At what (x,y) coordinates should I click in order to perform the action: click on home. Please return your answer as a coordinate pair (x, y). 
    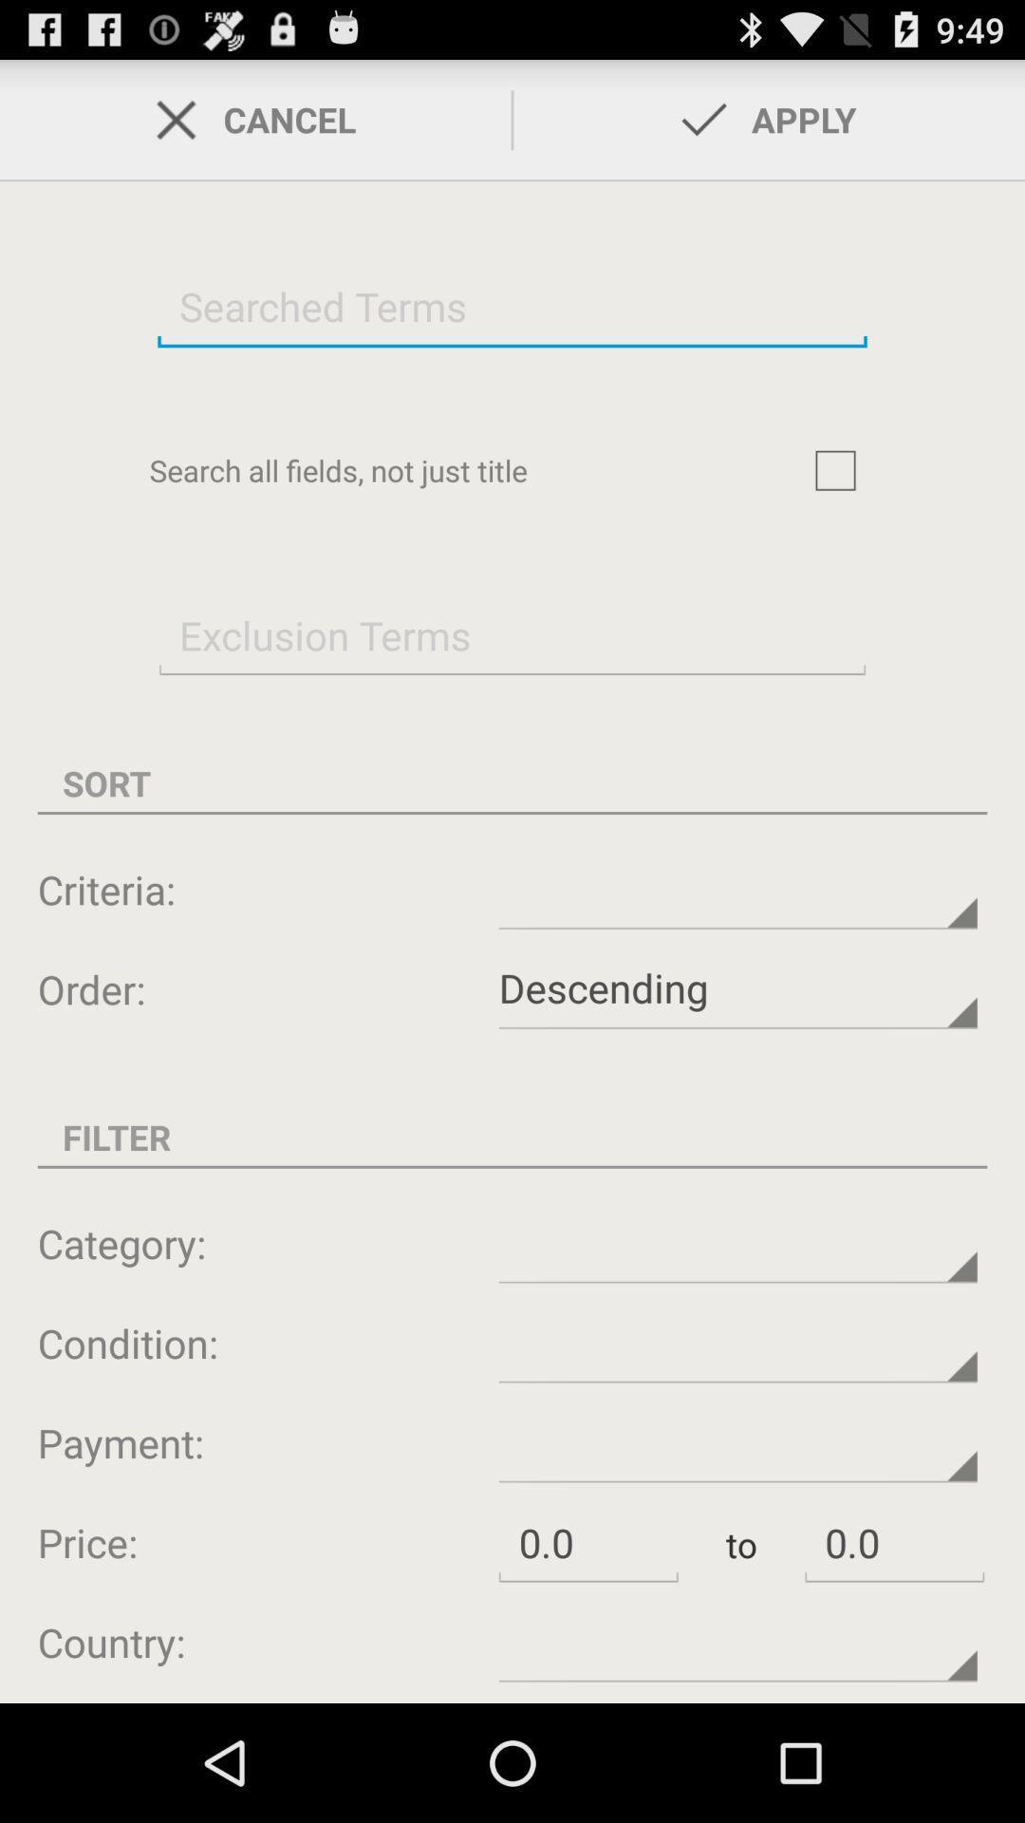
    Looking at the image, I should click on (834, 470).